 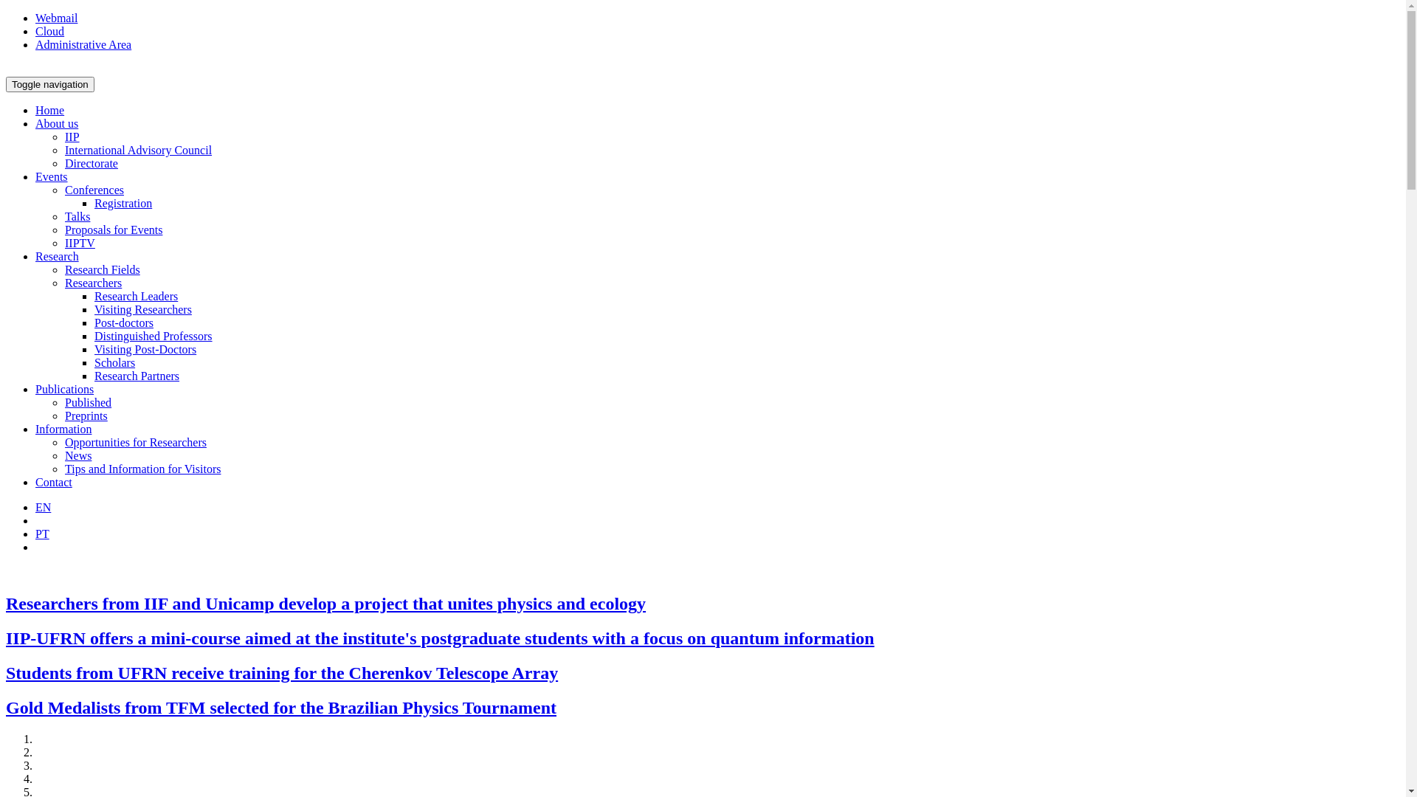 What do you see at coordinates (85, 415) in the screenshot?
I see `'Preprints'` at bounding box center [85, 415].